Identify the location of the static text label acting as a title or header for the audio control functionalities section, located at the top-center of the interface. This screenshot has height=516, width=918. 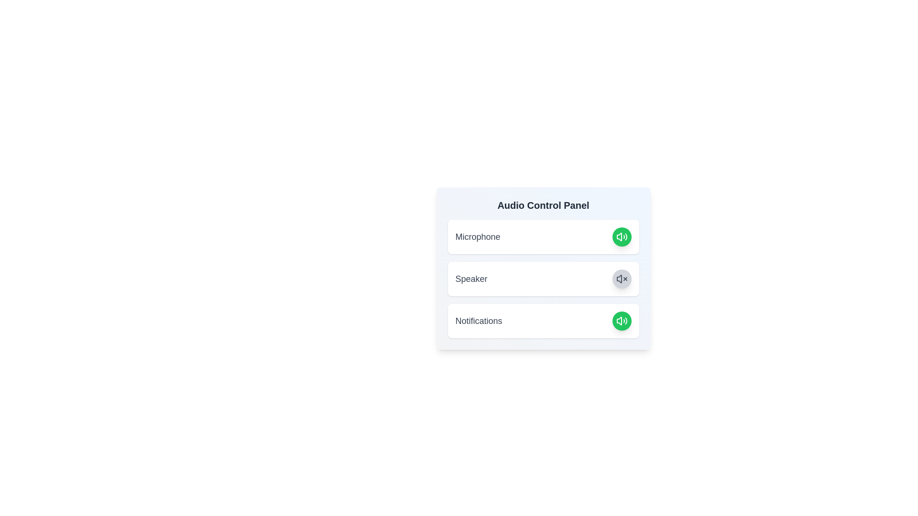
(543, 204).